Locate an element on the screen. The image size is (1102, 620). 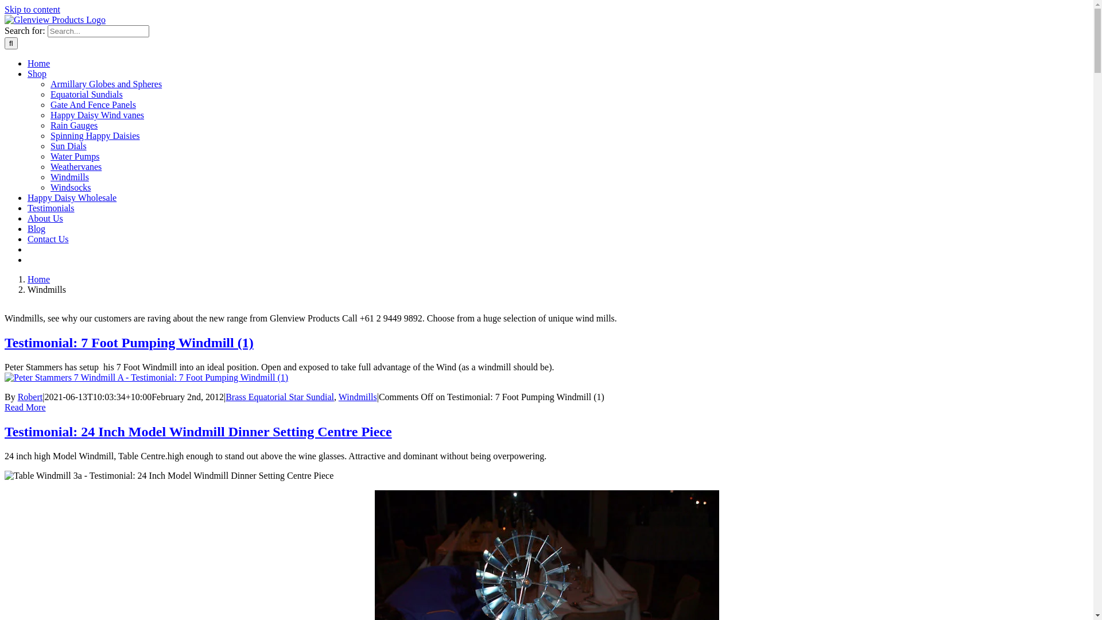
'Windmills' is located at coordinates (357, 396).